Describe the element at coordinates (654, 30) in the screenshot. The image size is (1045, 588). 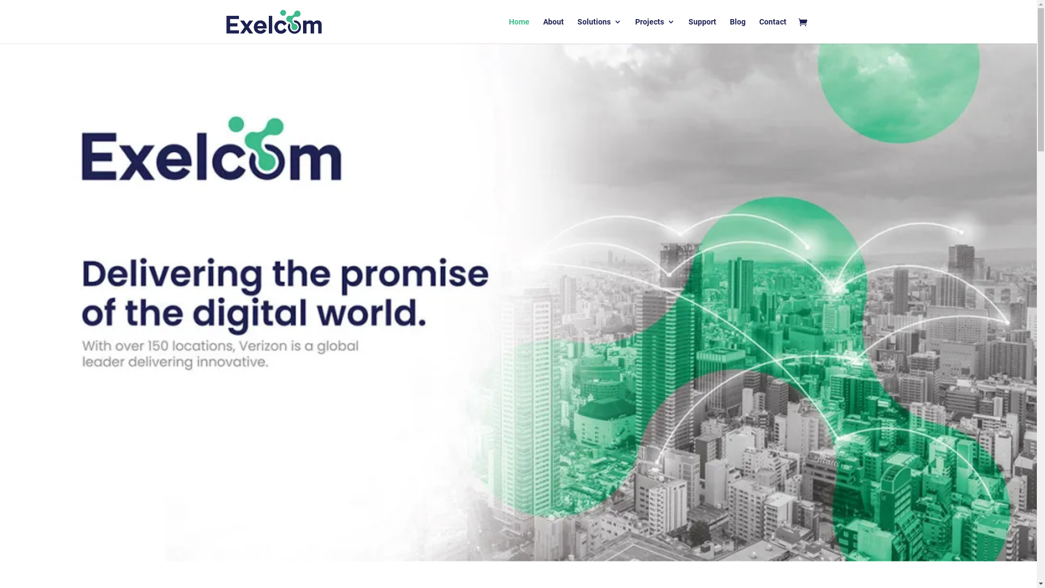
I see `'Projects'` at that location.